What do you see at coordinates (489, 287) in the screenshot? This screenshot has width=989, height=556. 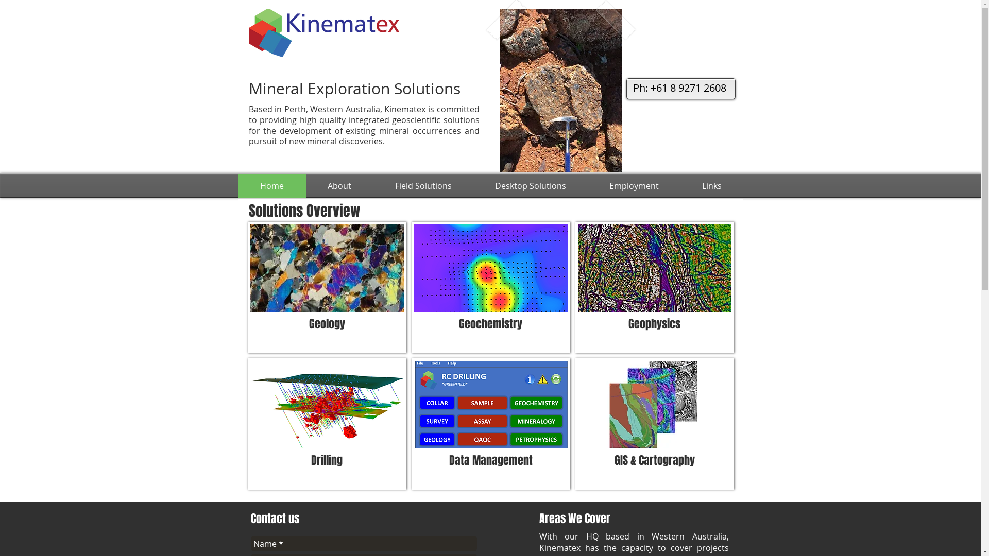 I see `'Geochemistry'` at bounding box center [489, 287].